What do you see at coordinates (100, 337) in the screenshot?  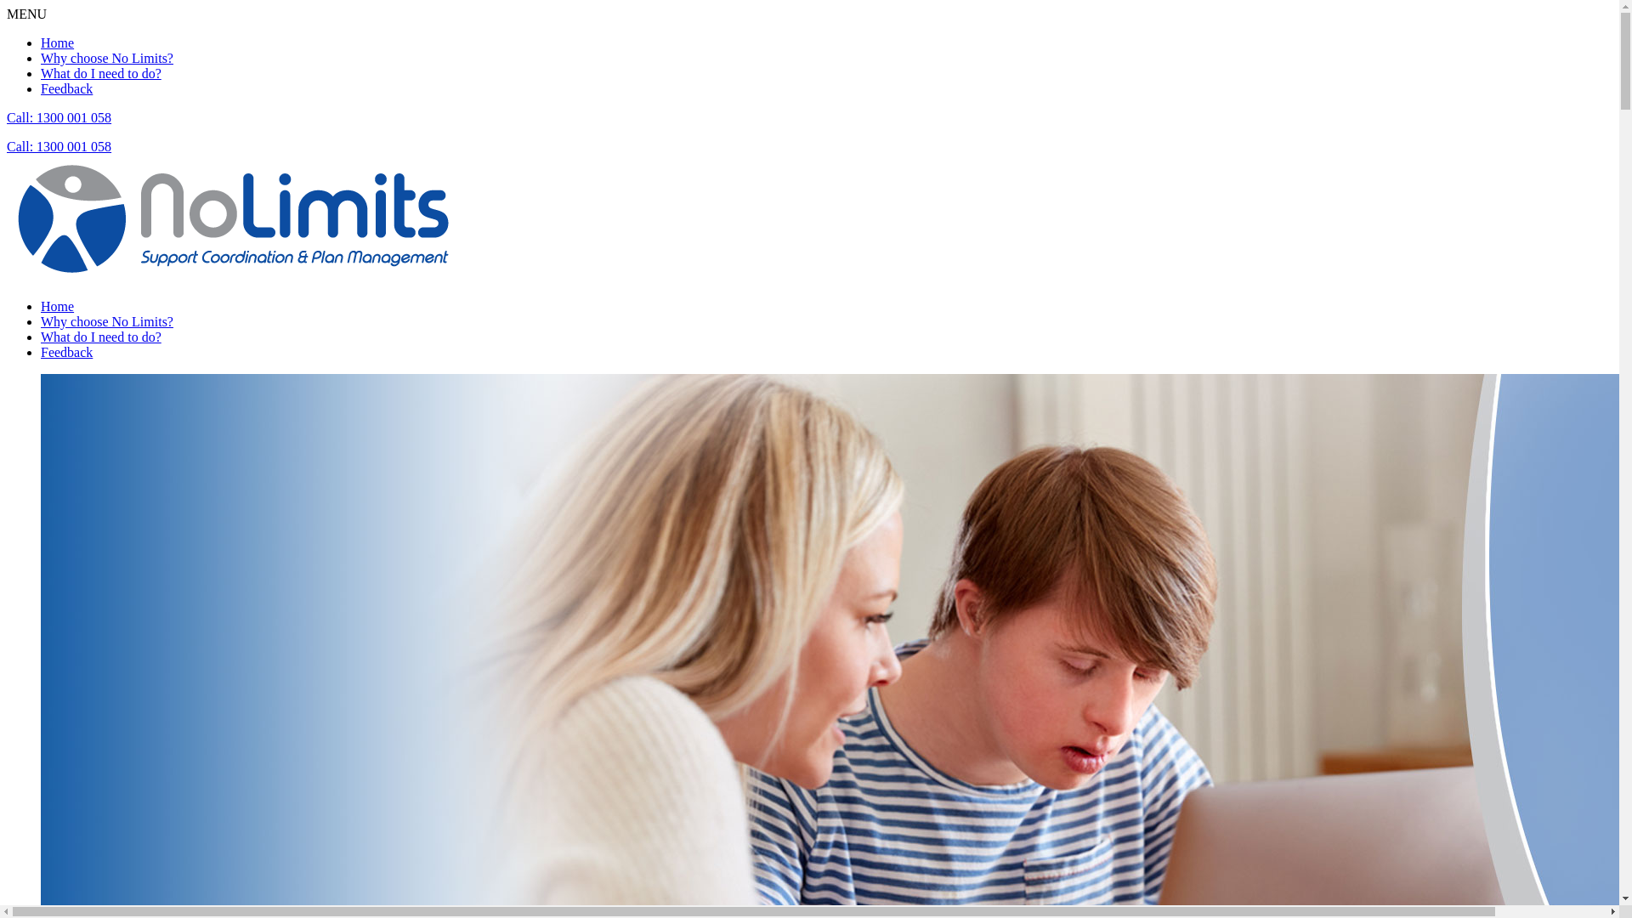 I see `'What do I need to do?'` at bounding box center [100, 337].